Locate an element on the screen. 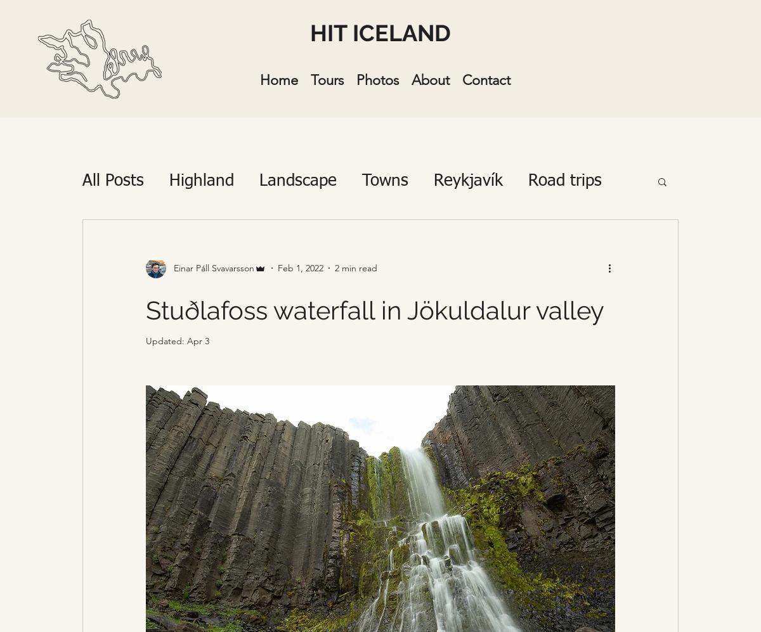 The width and height of the screenshot is (761, 632). 'Einar Páll Svavarsson' is located at coordinates (214, 267).